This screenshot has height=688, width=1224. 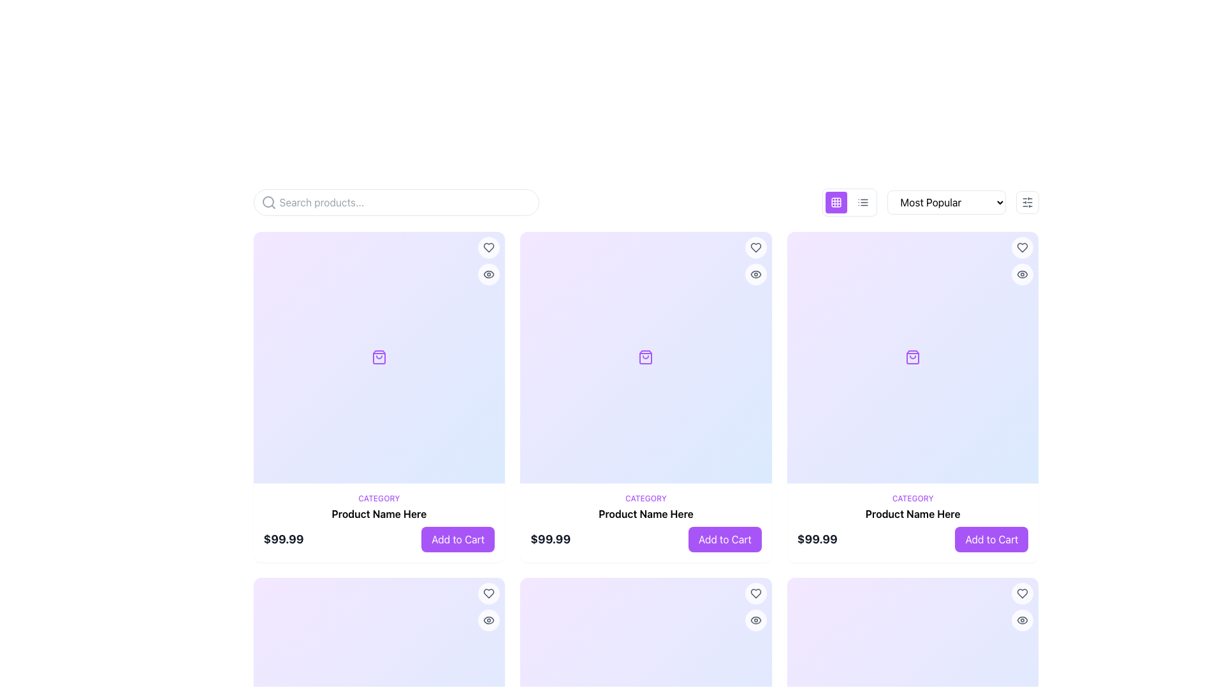 I want to click on the text label displaying 'CATEGORY', which is styled in purple with a small font size and positioned above the product name in the product card interface, so click(x=912, y=498).